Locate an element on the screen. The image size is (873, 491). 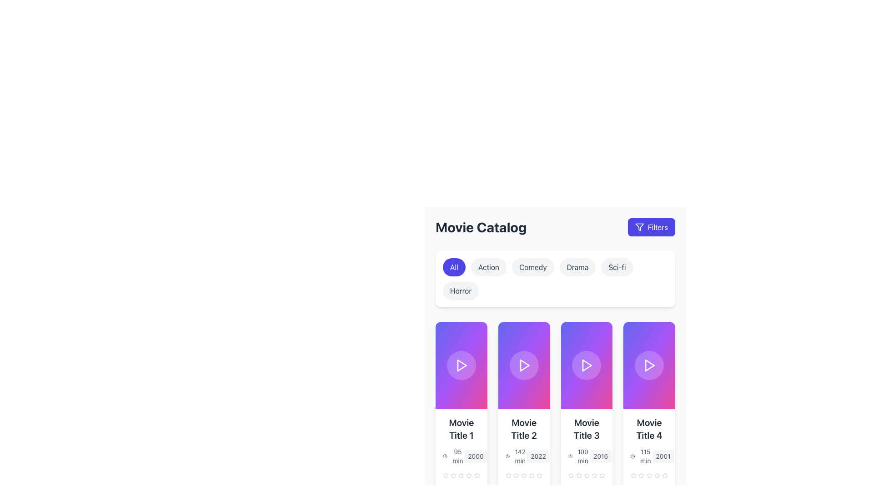
the prominent circular play button with a white triangular play icon, located in the uppermost portion of the card labeled 'Movie Title 3' in the movie catalog grid layout, to play the associated media is located at coordinates (587, 365).